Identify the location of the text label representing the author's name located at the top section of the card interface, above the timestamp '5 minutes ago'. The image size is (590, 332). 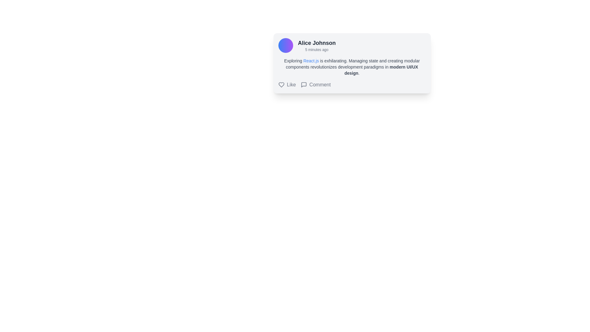
(317, 42).